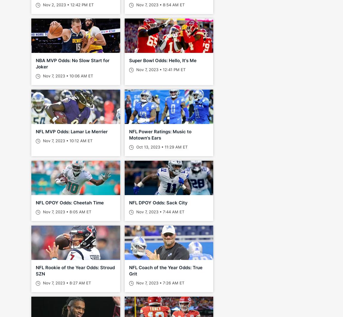 The image size is (343, 317). Describe the element at coordinates (158, 202) in the screenshot. I see `'NFL DPOY Odds: Sack City'` at that location.